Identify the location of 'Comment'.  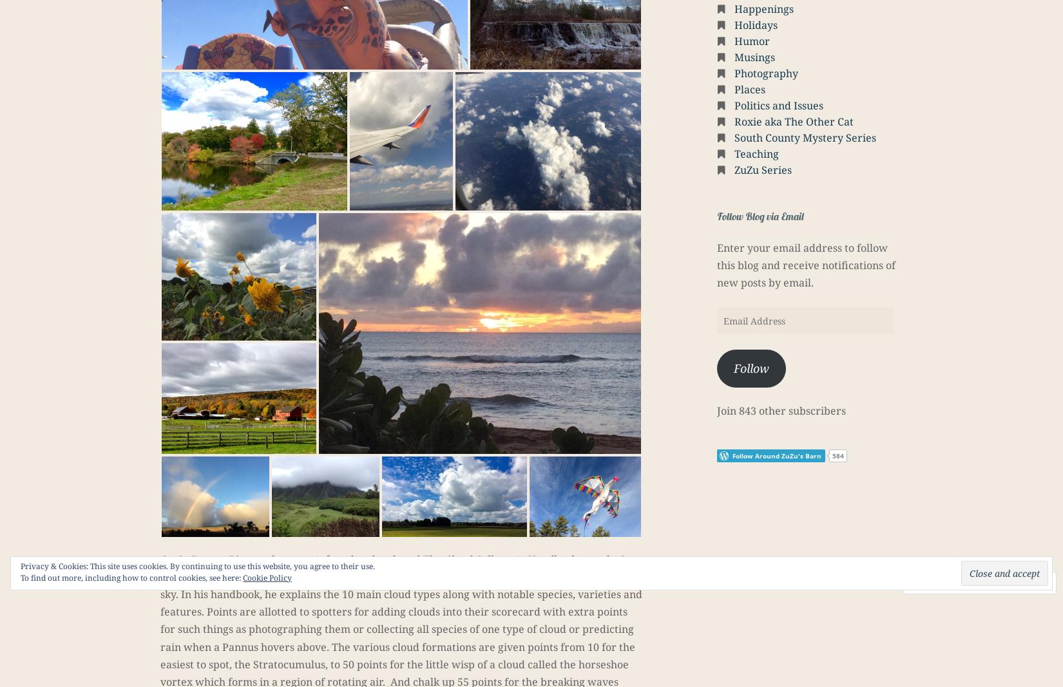
(946, 583).